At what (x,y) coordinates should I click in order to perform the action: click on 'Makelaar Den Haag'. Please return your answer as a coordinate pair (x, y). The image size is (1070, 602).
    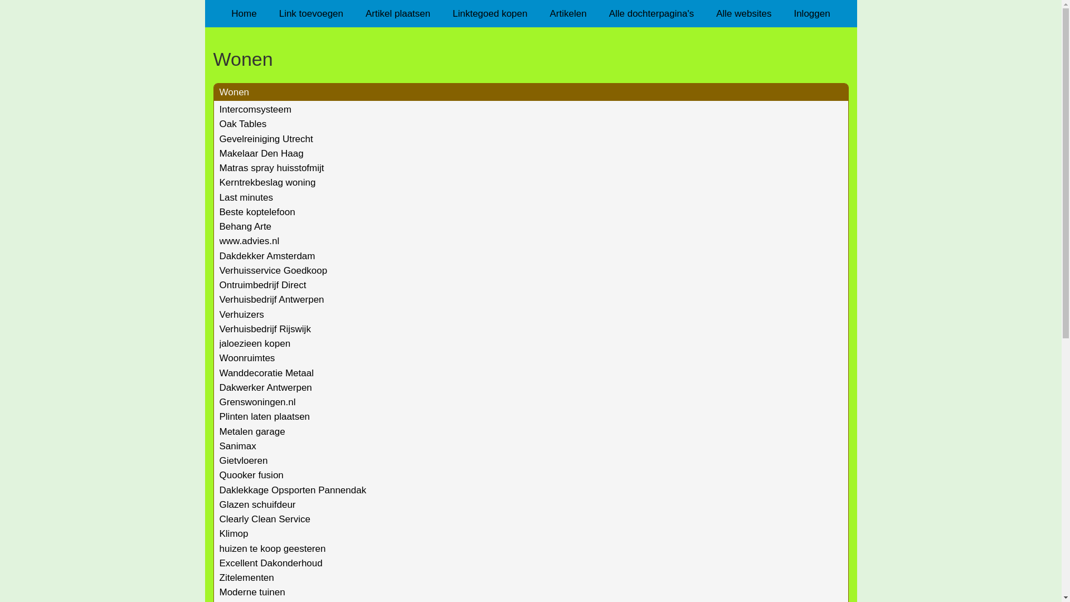
    Looking at the image, I should click on (261, 153).